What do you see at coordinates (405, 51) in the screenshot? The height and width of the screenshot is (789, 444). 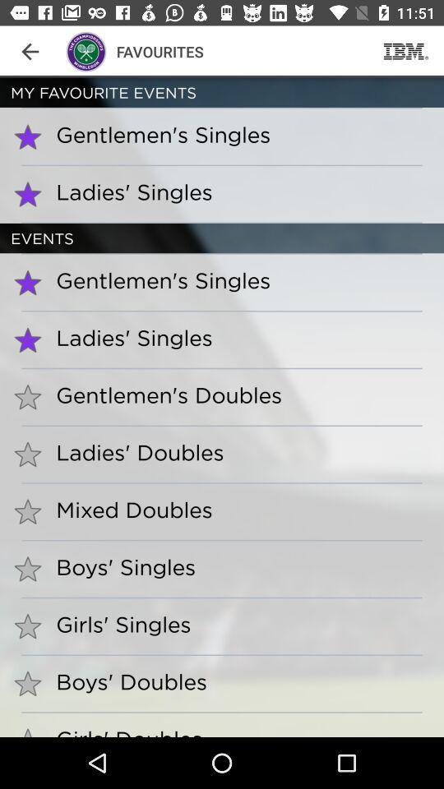 I see `the date_range icon` at bounding box center [405, 51].